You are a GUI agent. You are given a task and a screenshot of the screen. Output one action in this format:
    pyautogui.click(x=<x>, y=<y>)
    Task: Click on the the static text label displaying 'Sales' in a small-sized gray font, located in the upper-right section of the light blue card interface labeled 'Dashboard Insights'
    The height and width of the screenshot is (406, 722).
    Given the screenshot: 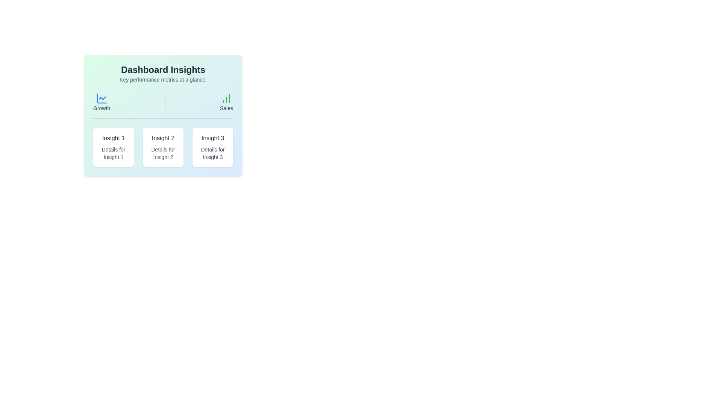 What is the action you would take?
    pyautogui.click(x=226, y=108)
    